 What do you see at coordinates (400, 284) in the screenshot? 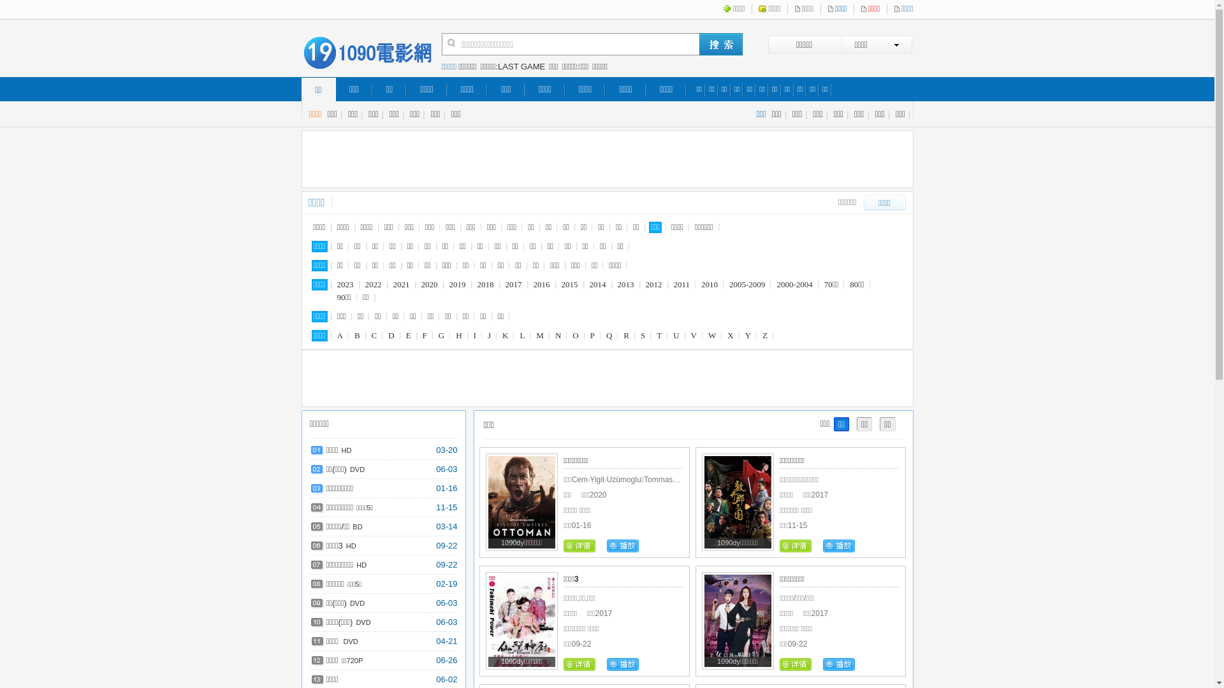
I see `'2021'` at bounding box center [400, 284].